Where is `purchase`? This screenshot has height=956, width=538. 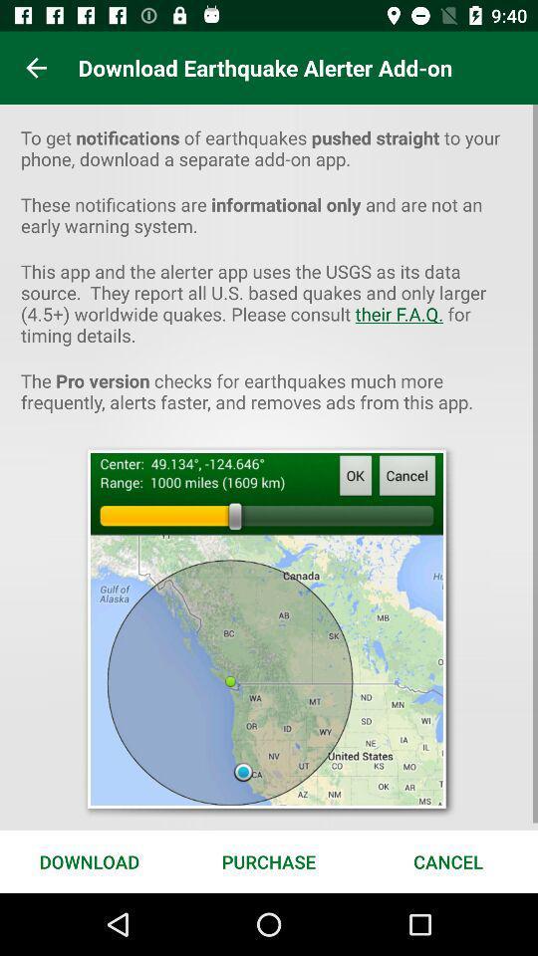 purchase is located at coordinates (269, 860).